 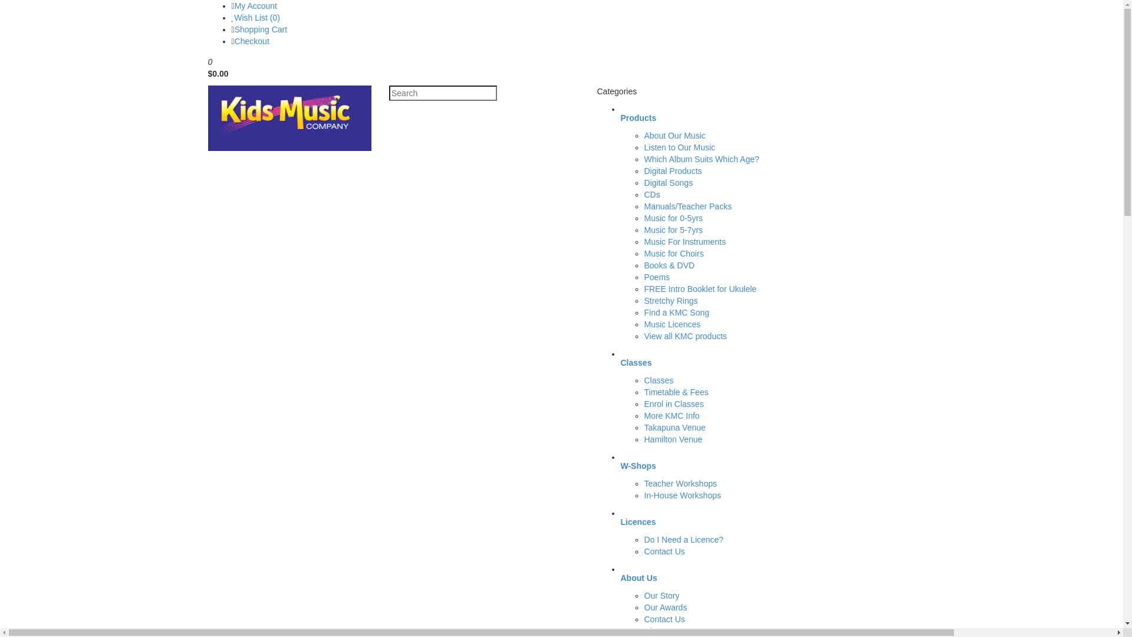 What do you see at coordinates (676, 392) in the screenshot?
I see `'Timetable & Fees'` at bounding box center [676, 392].